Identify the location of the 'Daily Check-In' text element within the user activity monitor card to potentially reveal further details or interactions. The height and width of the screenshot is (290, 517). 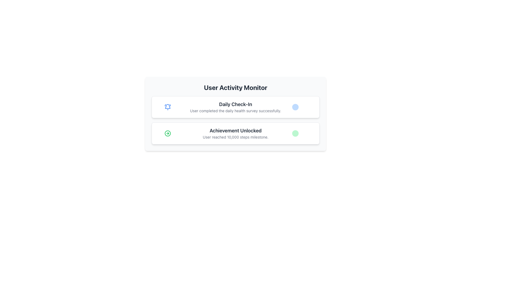
(235, 107).